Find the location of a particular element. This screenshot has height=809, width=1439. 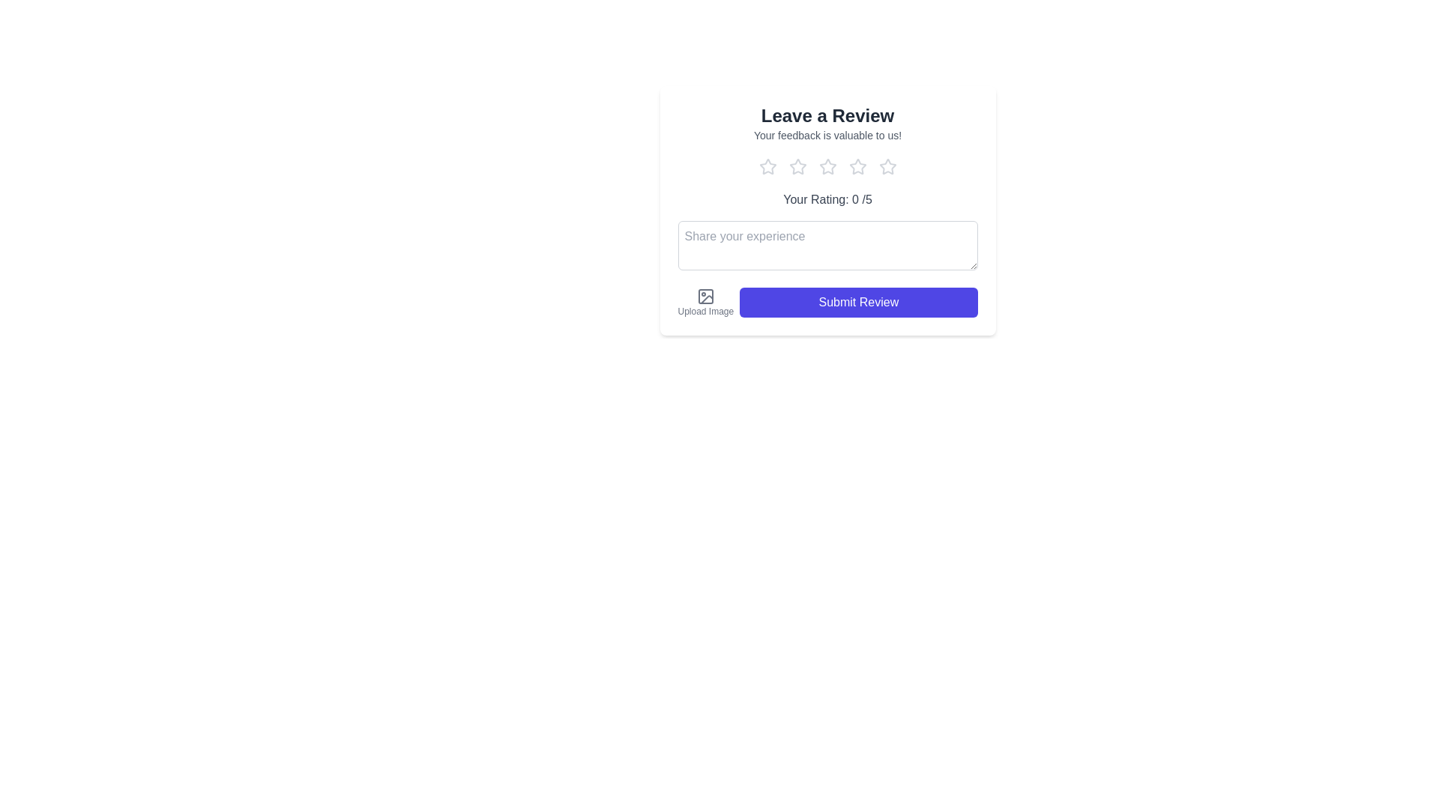

the 'Upload Image' icon to initiate the image upload process is located at coordinates (705, 297).